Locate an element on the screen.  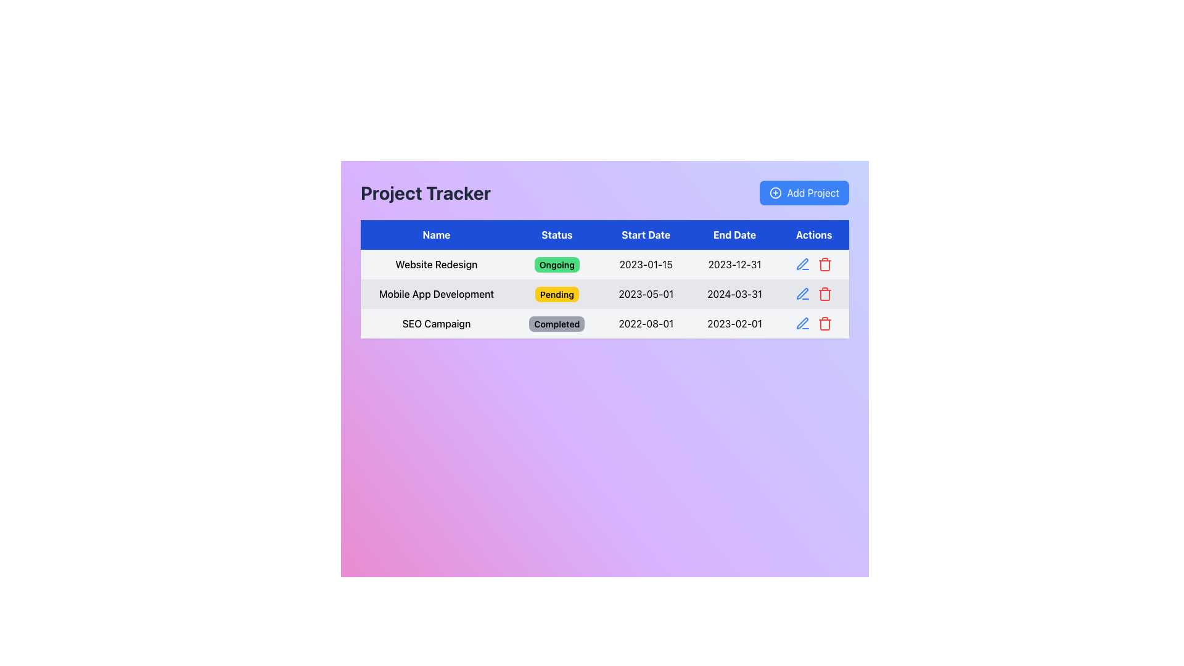
the text element displaying the end date for a project, located in the fifth column of the second row under the 'End Date' column is located at coordinates (734, 294).